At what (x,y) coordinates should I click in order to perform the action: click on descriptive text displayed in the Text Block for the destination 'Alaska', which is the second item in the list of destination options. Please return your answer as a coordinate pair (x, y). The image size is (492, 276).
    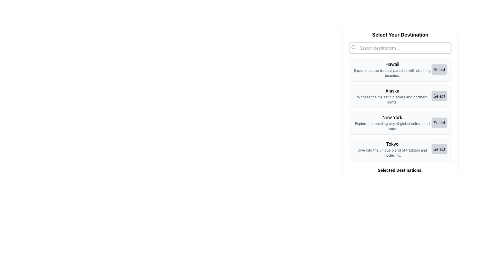
    Looking at the image, I should click on (392, 96).